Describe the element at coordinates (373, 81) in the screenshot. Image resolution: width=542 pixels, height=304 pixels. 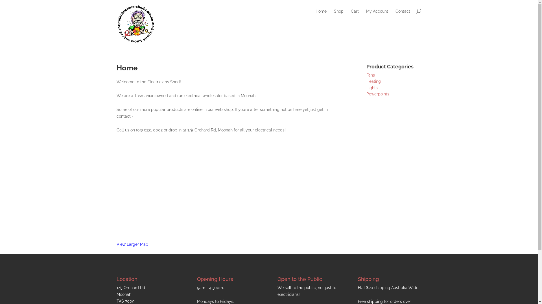
I see `'Heating'` at that location.